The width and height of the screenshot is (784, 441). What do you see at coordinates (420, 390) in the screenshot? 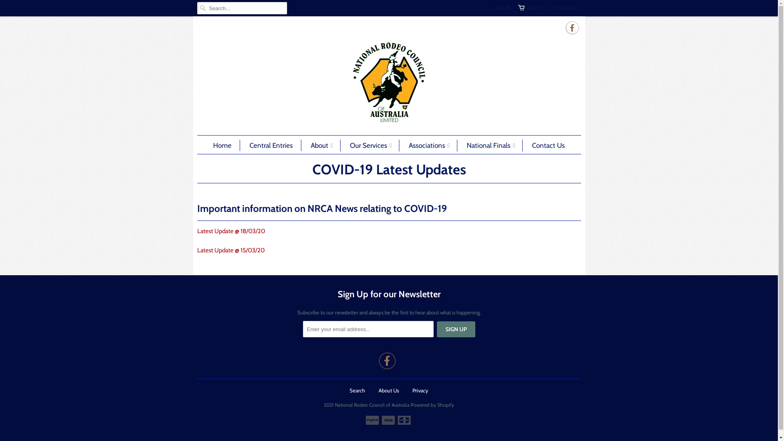
I see `'Privacy'` at bounding box center [420, 390].